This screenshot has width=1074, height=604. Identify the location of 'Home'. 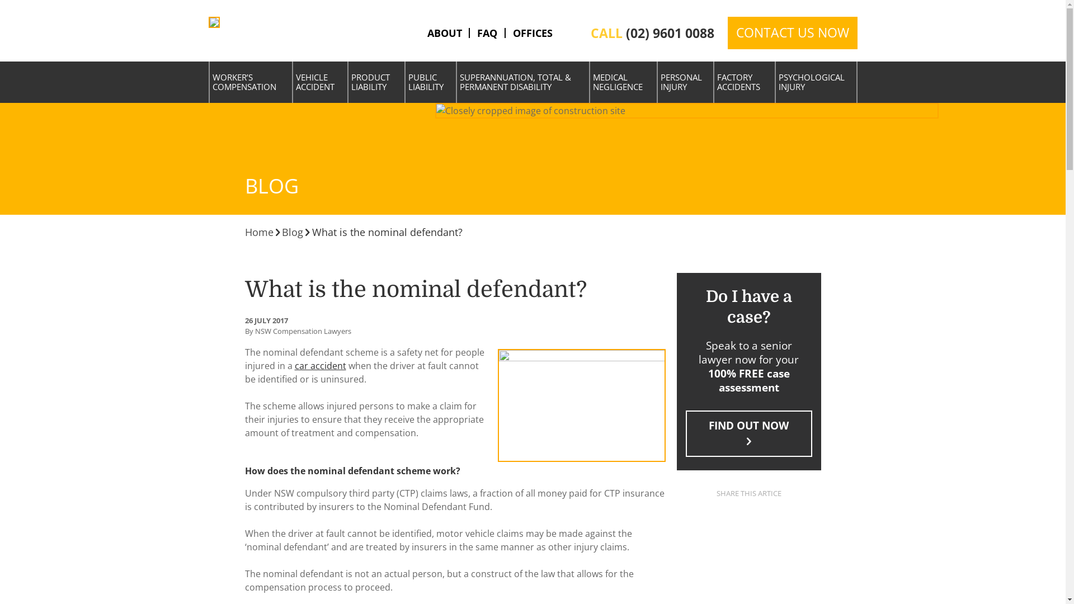
(258, 232).